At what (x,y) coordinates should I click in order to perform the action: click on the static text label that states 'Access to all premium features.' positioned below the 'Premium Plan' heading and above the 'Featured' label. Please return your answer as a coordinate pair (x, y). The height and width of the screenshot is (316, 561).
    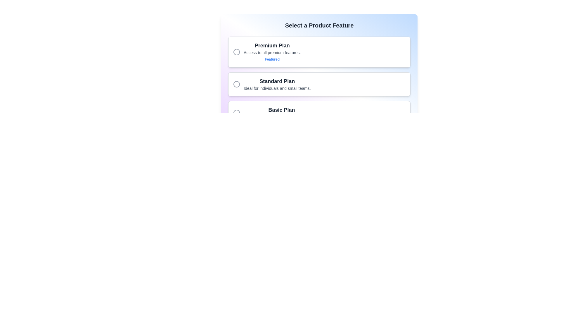
    Looking at the image, I should click on (272, 53).